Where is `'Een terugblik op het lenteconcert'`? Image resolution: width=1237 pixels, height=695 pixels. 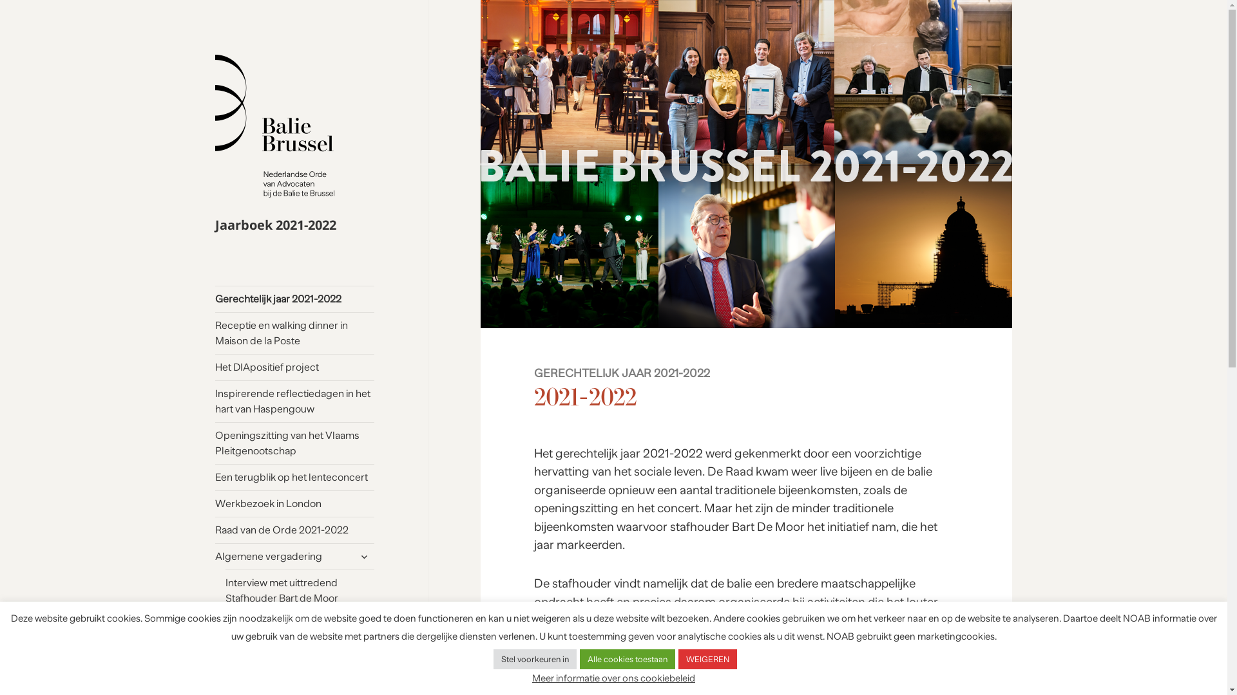 'Een terugblik op het lenteconcert' is located at coordinates (294, 477).